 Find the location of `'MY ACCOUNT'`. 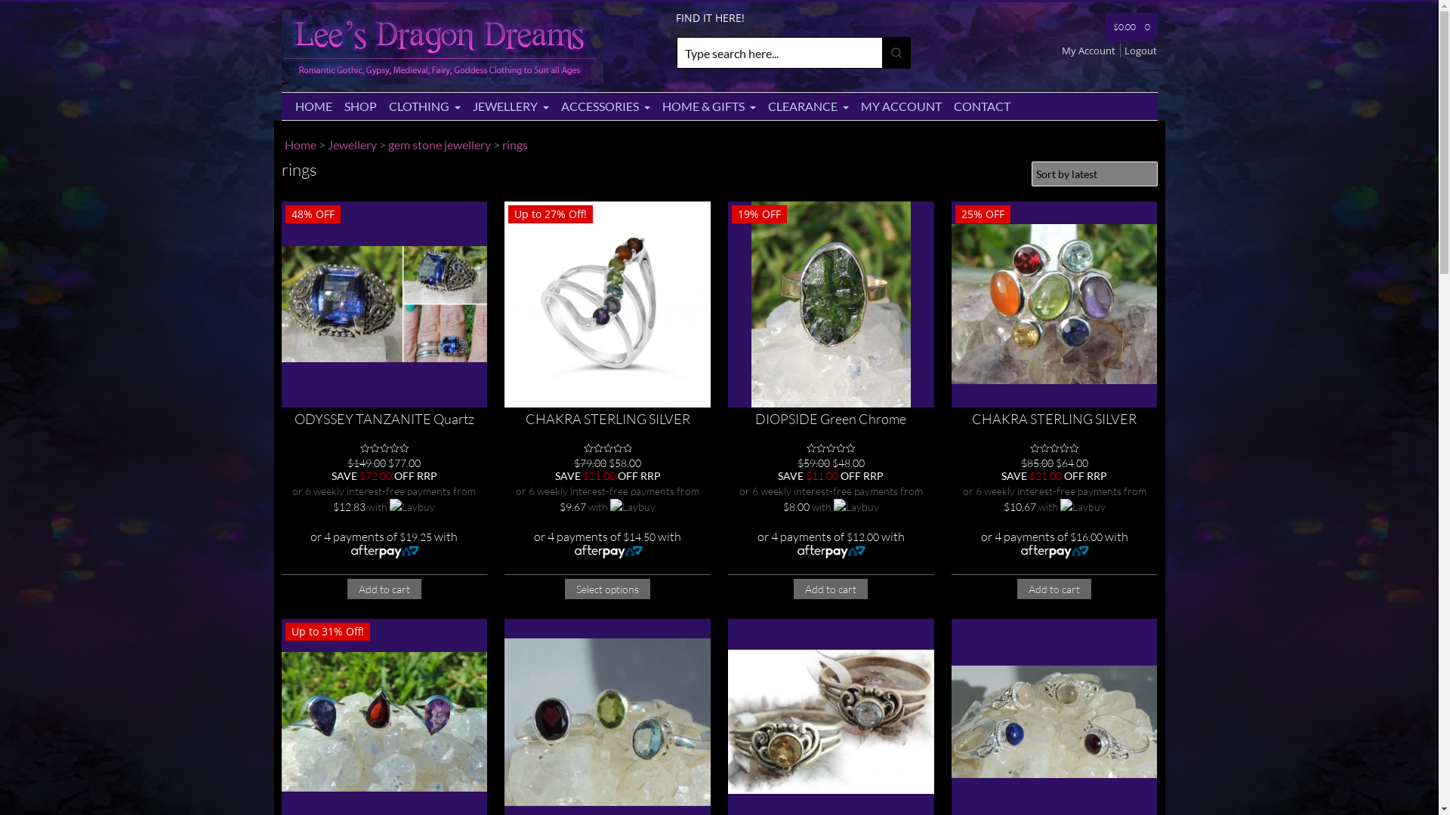

'MY ACCOUNT' is located at coordinates (901, 106).